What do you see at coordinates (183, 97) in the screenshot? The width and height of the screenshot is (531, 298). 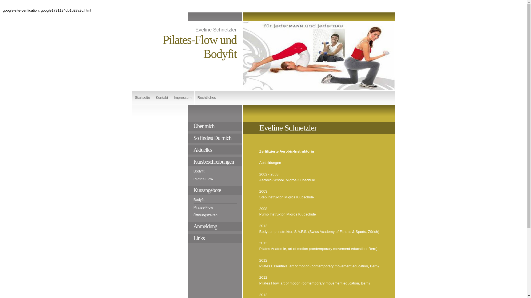 I see `'Impressum'` at bounding box center [183, 97].